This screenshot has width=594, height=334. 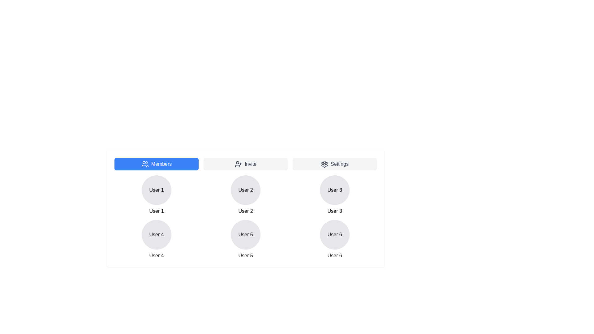 I want to click on text from the lower text label directly below the circular avatar labeled as 'User 5' in the middle column of a three-column grid layout, in the second row, so click(x=245, y=255).